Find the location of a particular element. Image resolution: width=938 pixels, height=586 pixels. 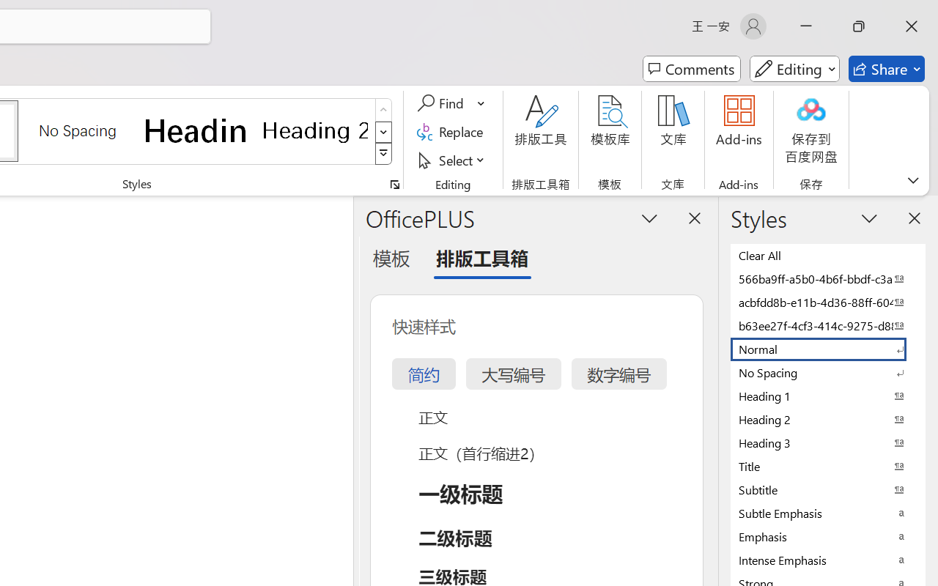

'Heading 3' is located at coordinates (828, 442).